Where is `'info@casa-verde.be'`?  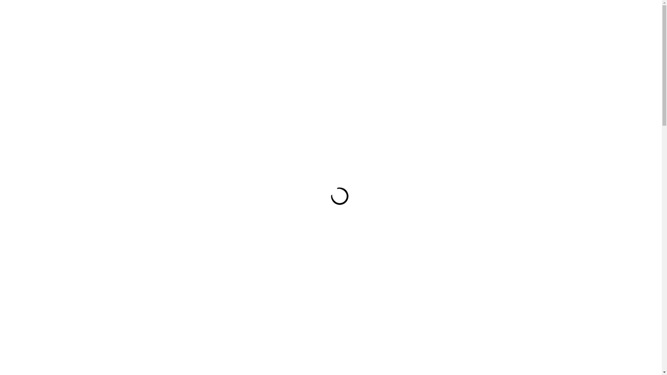
'info@casa-verde.be' is located at coordinates (333, 24).